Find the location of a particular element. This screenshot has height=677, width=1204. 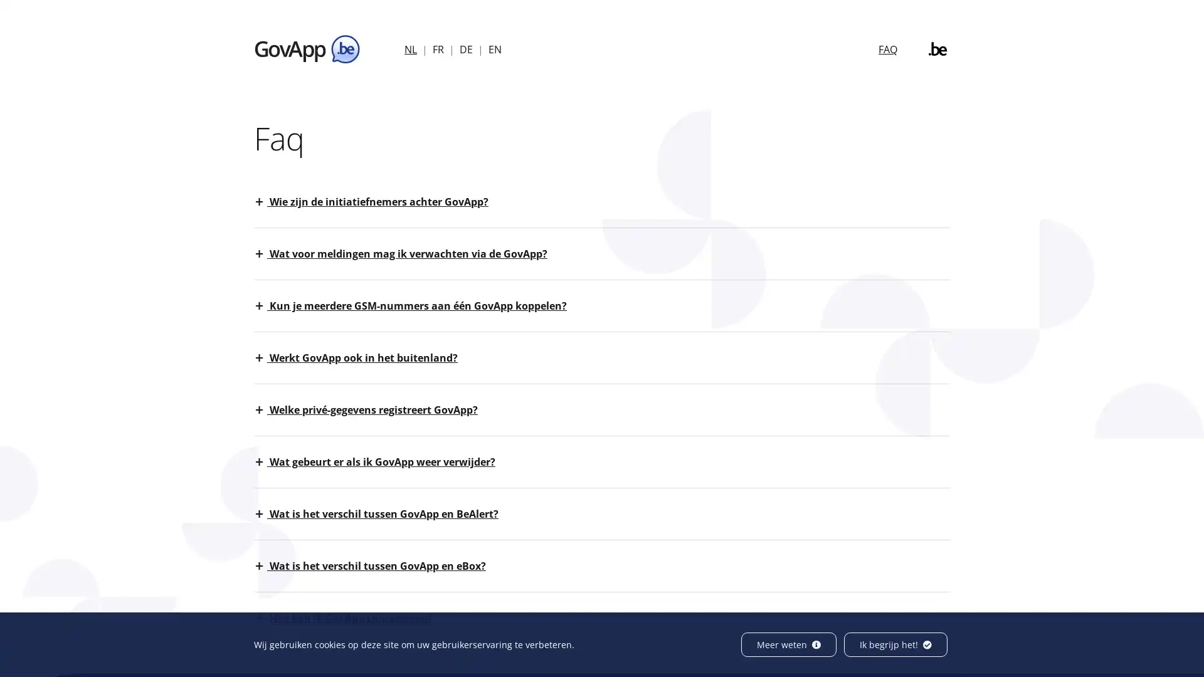

+ Wat is het verschil tussen GovApp en eBox? is located at coordinates (377, 565).